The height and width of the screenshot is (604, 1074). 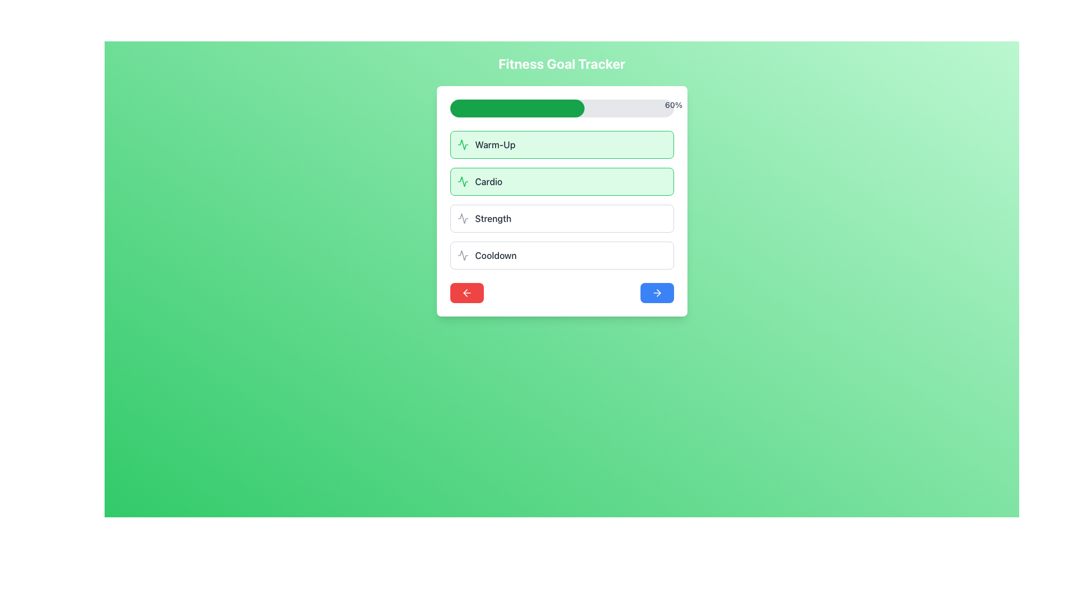 I want to click on the light gray waveform icon located within the 'Strength' card, so click(x=463, y=218).